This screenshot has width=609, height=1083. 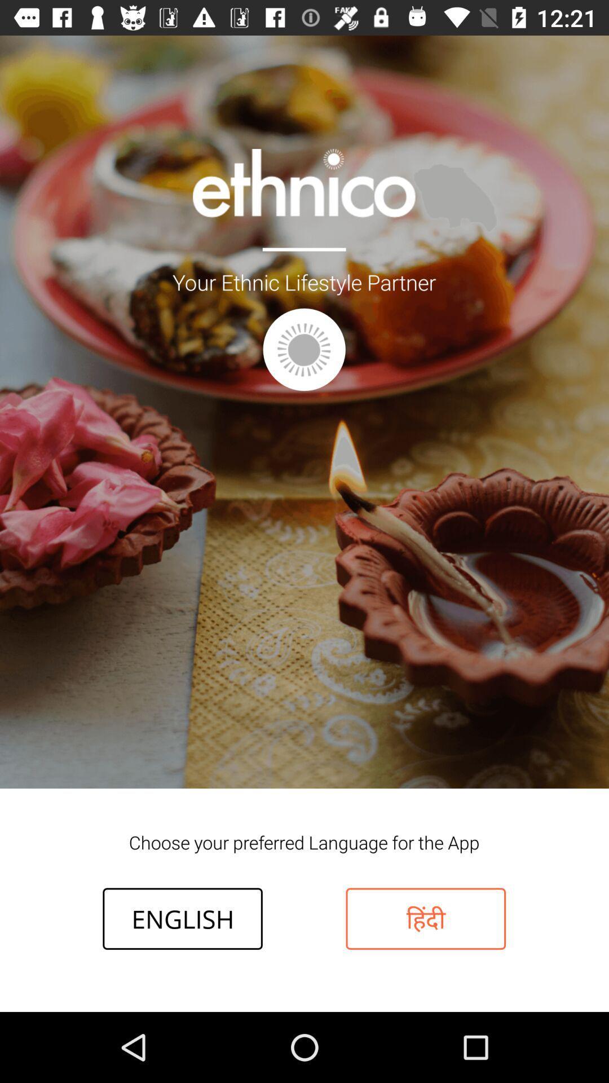 What do you see at coordinates (182, 918) in the screenshot?
I see `the english icon` at bounding box center [182, 918].